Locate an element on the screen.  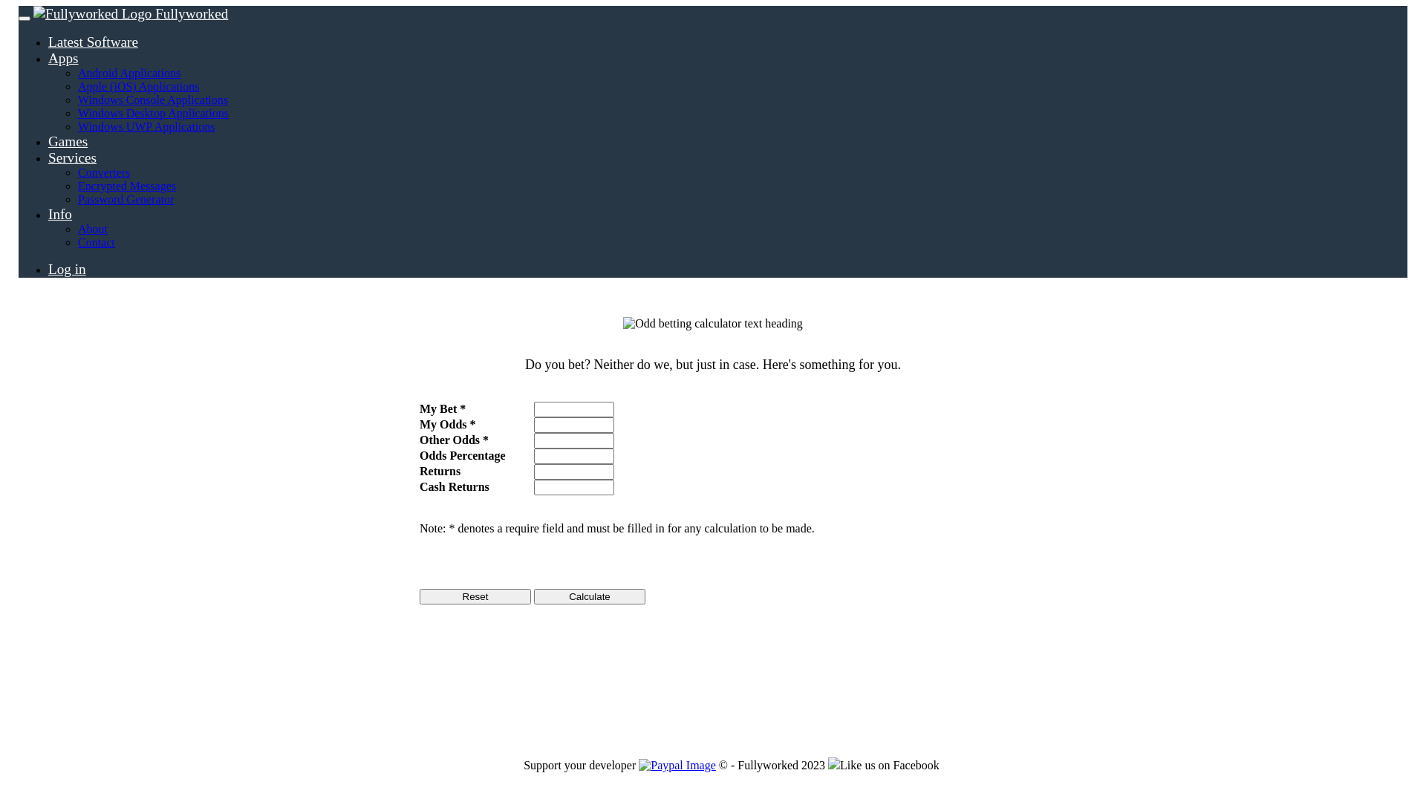
'This displays your returns.' is located at coordinates (573, 472).